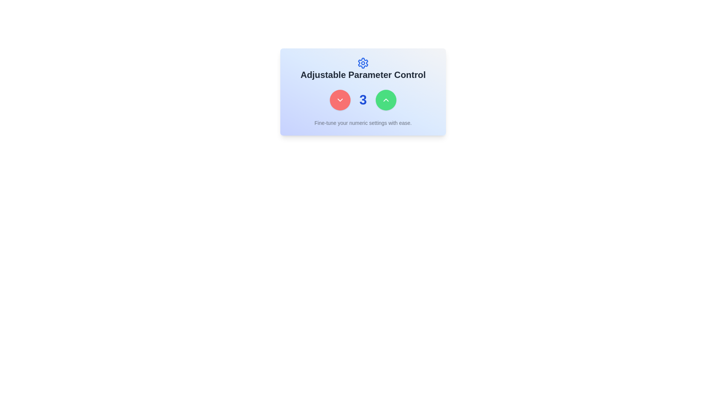  Describe the element at coordinates (363, 62) in the screenshot. I see `the gear icon with a blue outline located above the text 'Adjustable Parameter Control'` at that location.